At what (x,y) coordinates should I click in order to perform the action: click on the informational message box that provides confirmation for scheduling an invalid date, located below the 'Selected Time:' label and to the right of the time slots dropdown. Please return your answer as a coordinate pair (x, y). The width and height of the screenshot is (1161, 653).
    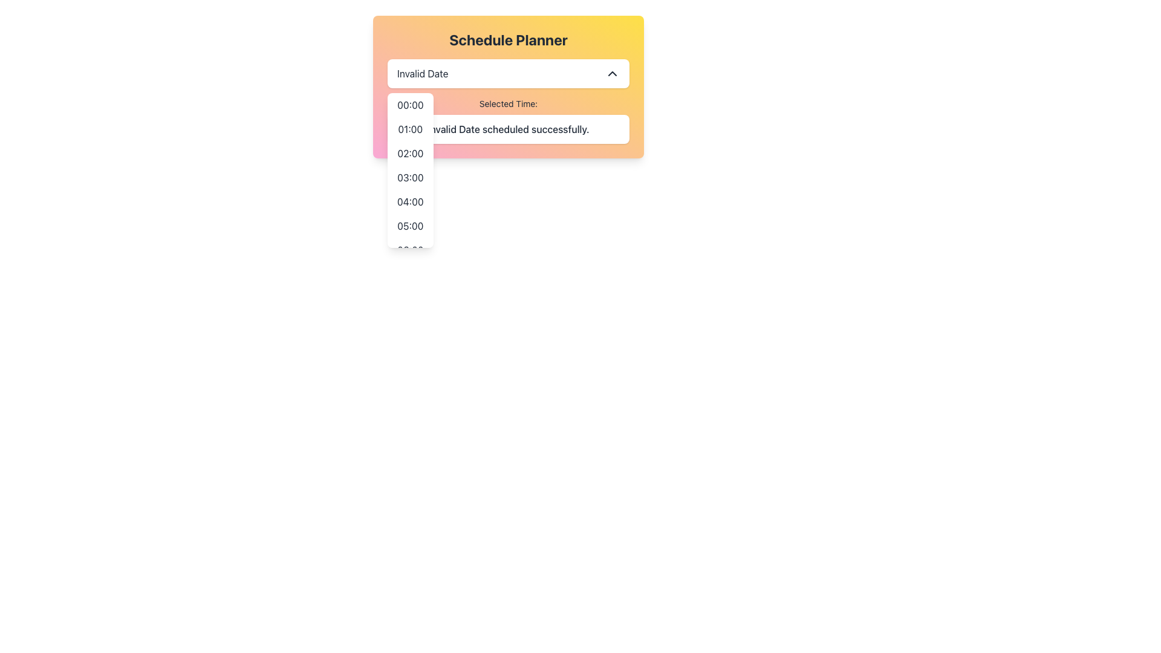
    Looking at the image, I should click on (508, 129).